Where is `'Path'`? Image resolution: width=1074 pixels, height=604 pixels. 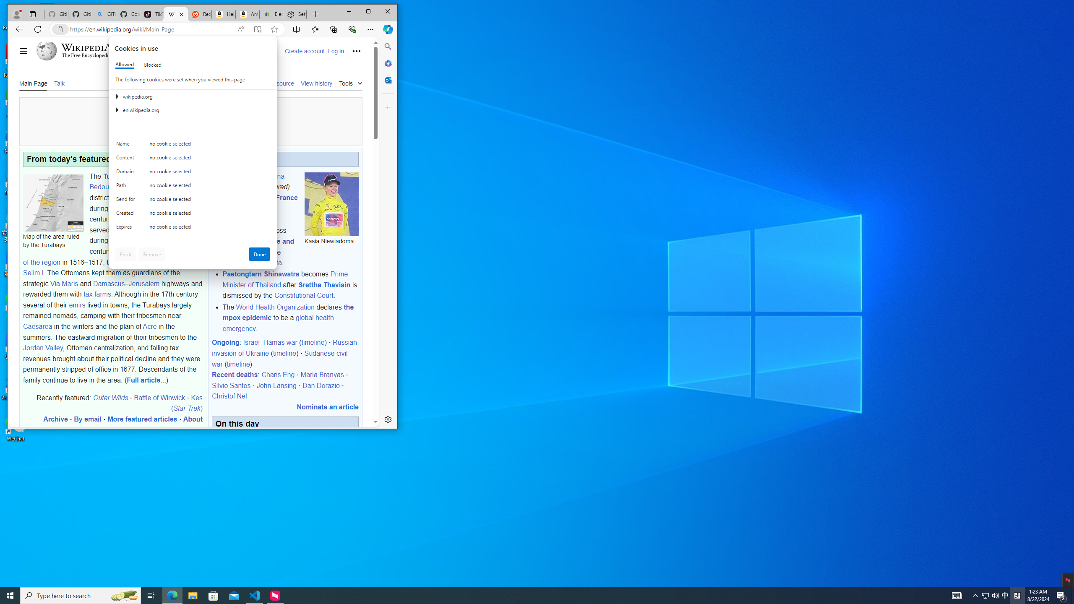 'Path' is located at coordinates (127, 187).